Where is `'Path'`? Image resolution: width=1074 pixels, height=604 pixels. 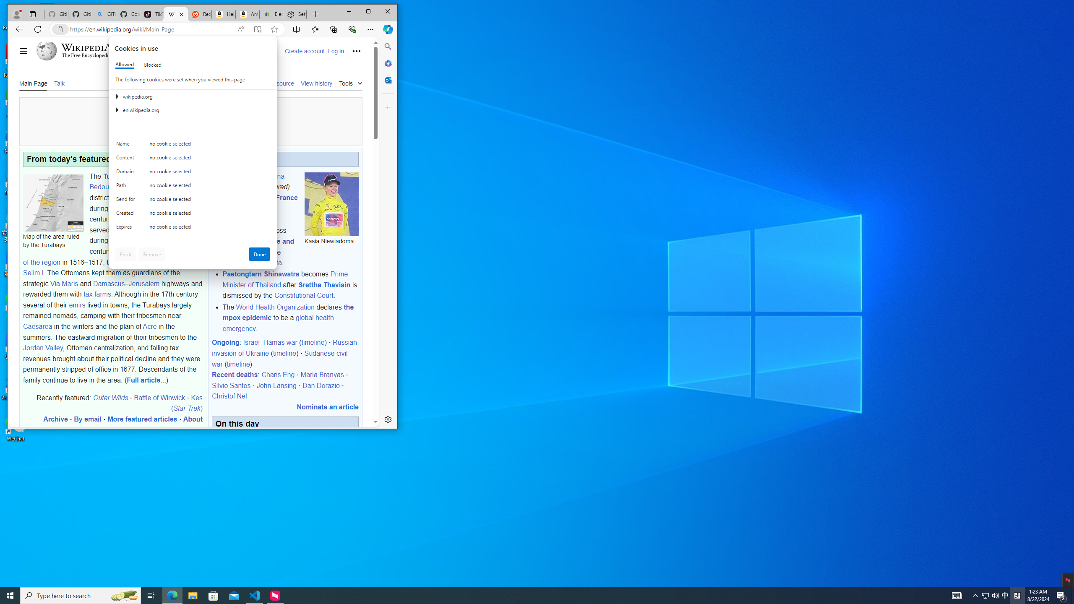 'Path' is located at coordinates (127, 187).